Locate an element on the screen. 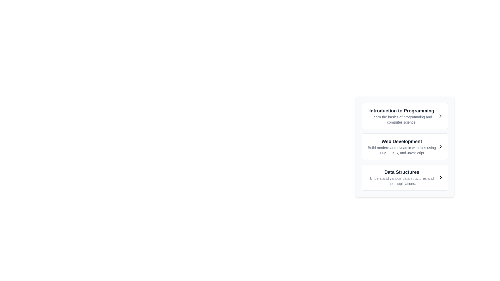  the right-facing chevron icon located to the right of the 'Web Development' section in the vertical list on the panel is located at coordinates (440, 146).